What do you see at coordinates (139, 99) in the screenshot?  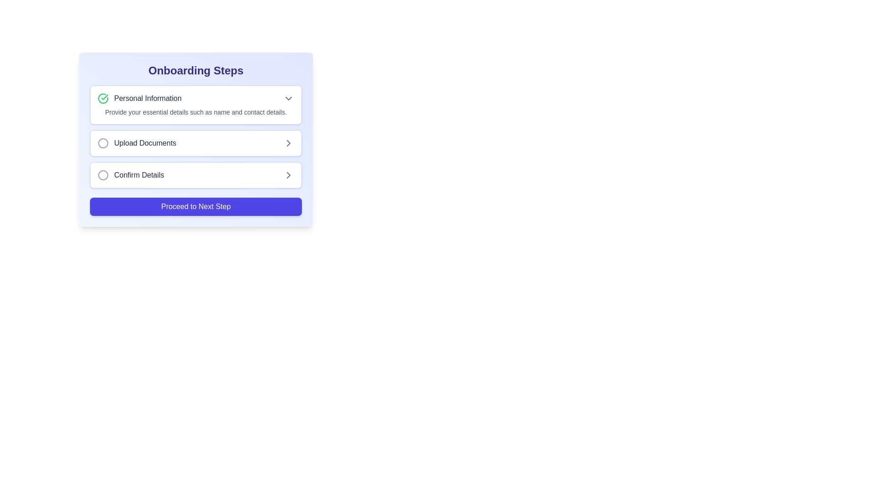 I see `the 'Personal Information' section header with a green checkmark icon` at bounding box center [139, 99].